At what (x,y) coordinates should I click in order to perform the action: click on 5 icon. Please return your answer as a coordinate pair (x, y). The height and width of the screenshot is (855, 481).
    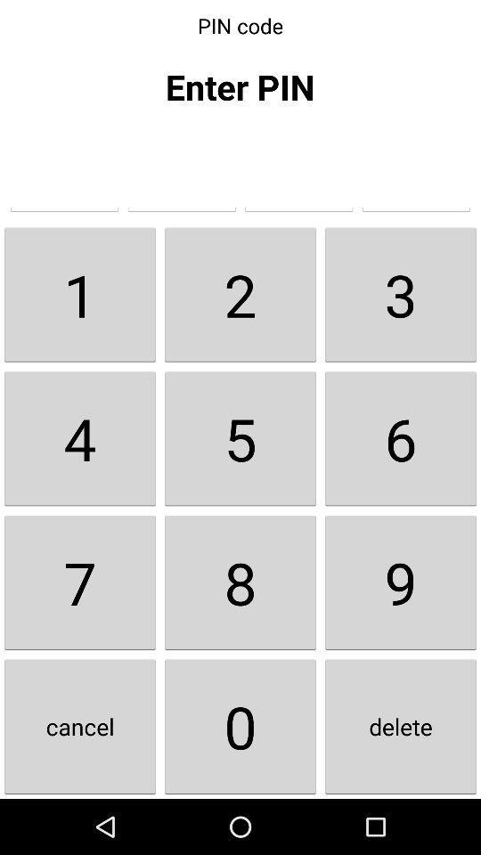
    Looking at the image, I should click on (240, 437).